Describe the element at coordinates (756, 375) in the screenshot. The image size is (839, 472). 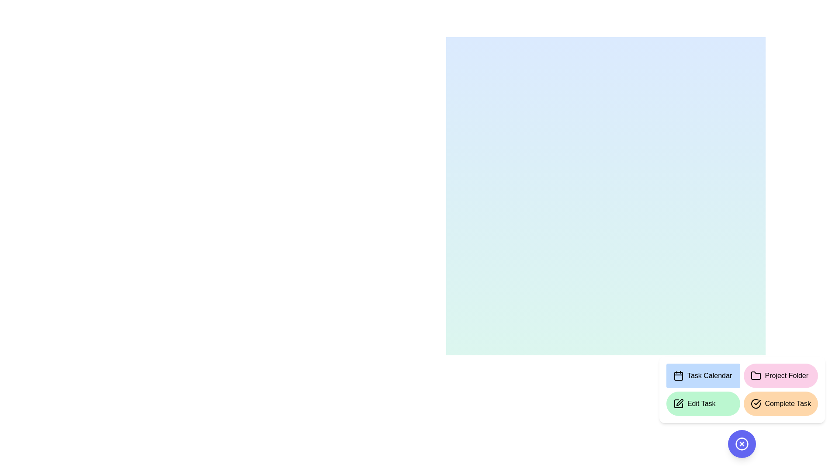
I see `the decorative folder icon within the 'Project Folder' button to interact with it` at that location.